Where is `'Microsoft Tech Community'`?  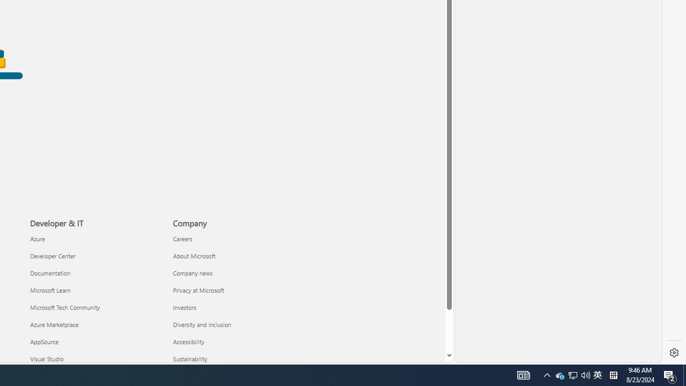 'Microsoft Tech Community' is located at coordinates (95, 307).